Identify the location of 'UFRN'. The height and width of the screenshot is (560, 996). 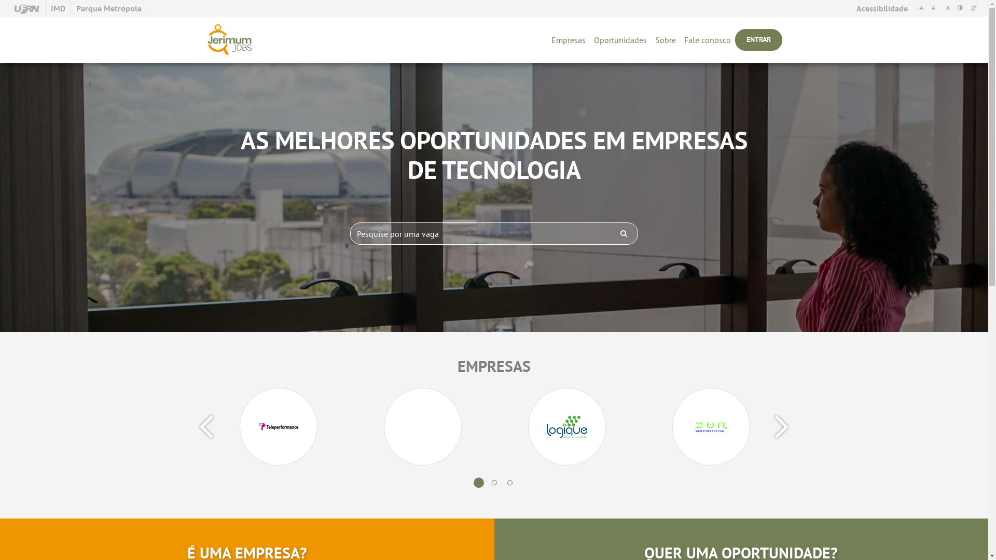
(26, 8).